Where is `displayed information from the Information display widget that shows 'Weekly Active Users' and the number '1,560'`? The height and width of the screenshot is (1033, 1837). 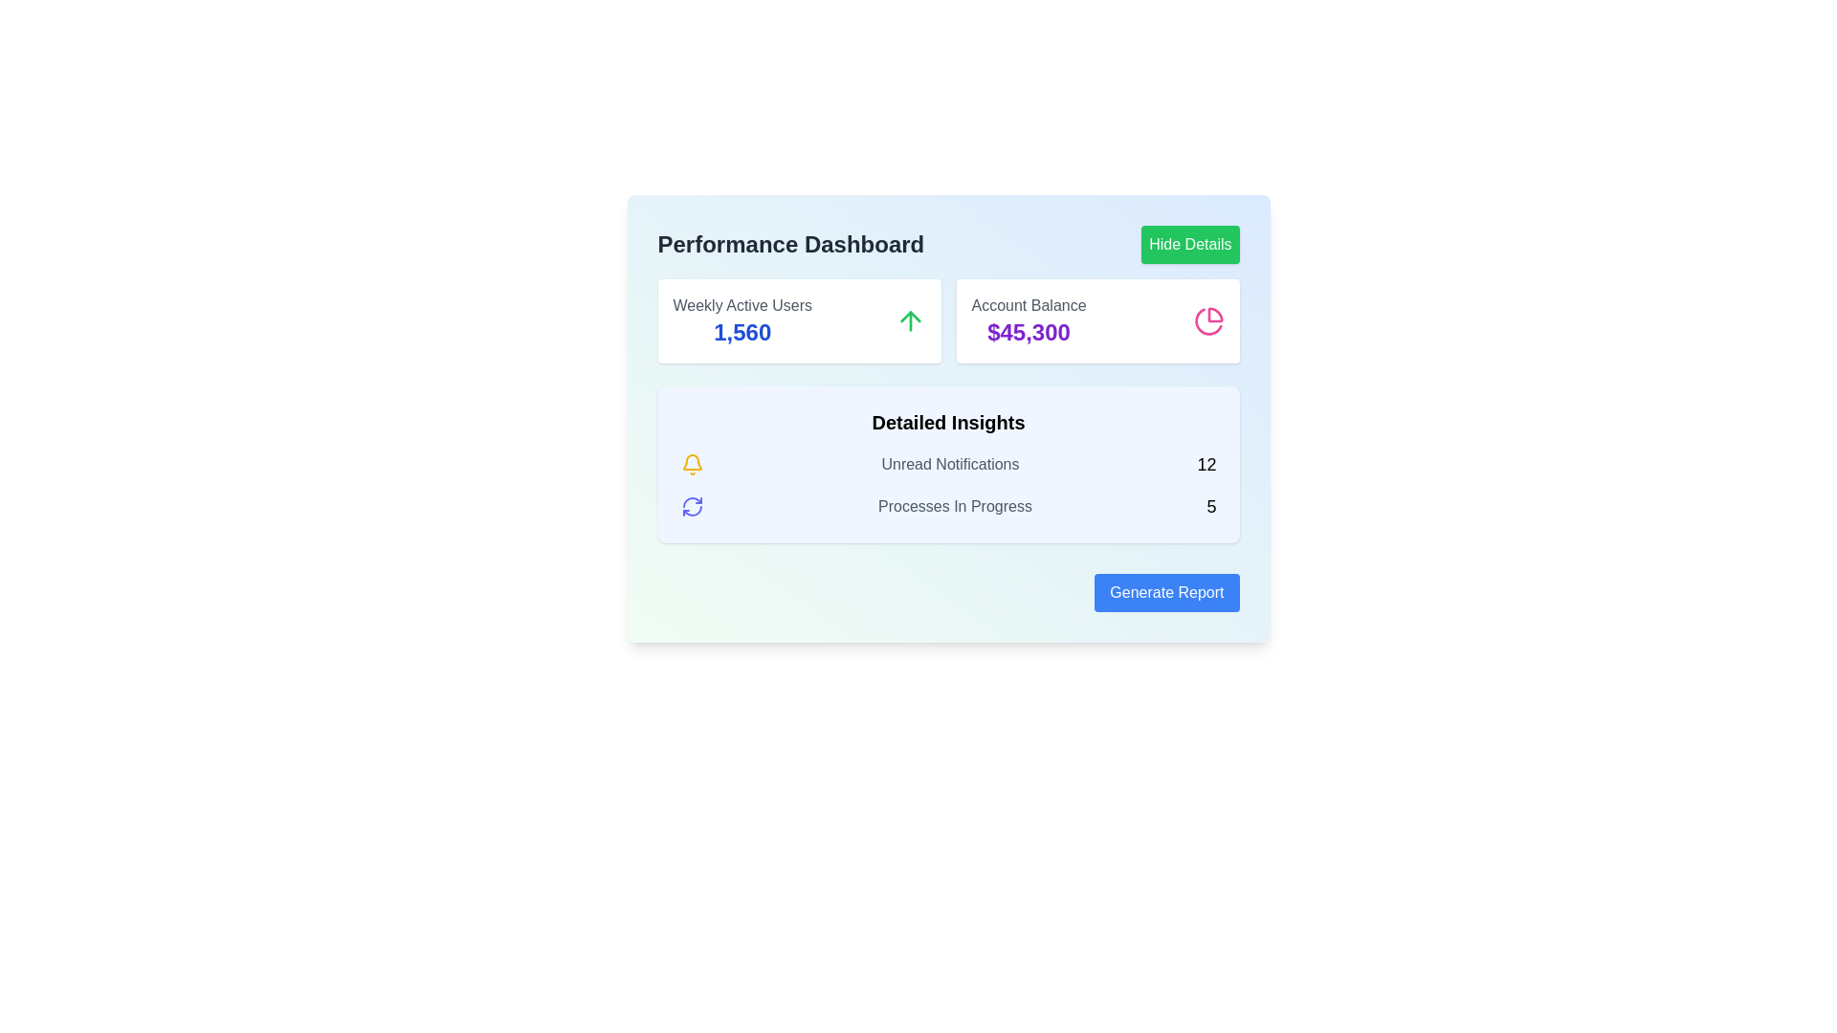
displayed information from the Information display widget that shows 'Weekly Active Users' and the number '1,560' is located at coordinates (799, 319).